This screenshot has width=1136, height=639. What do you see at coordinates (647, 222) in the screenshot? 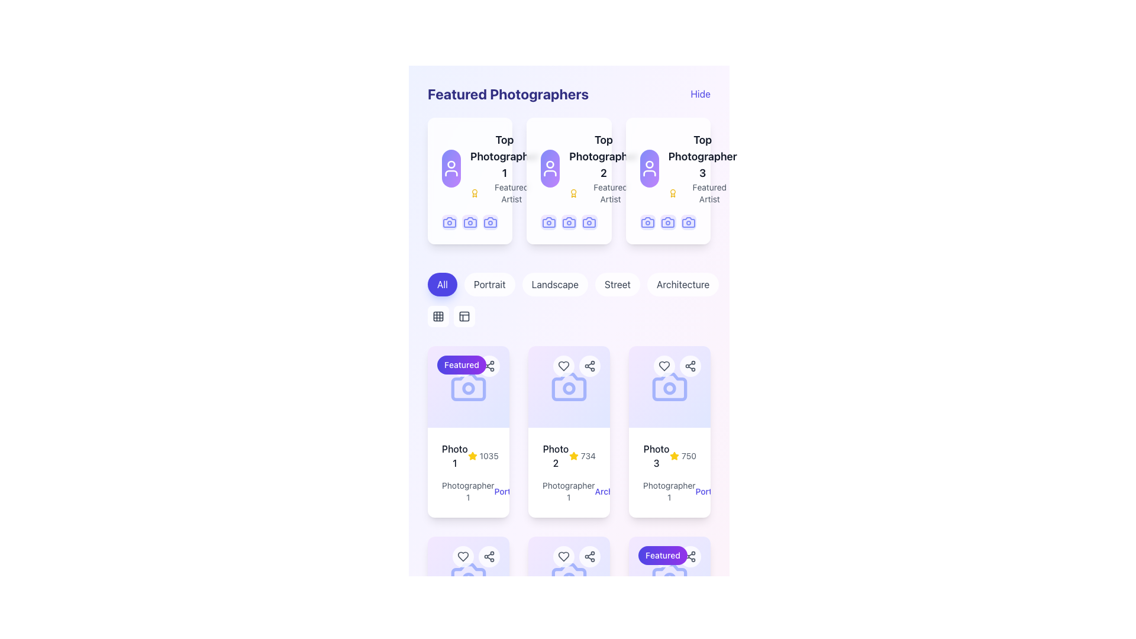
I see `the photography icon located in the first position of the icon group under 'Top Photographer 3' in the 'Featured Photographers' section` at bounding box center [647, 222].